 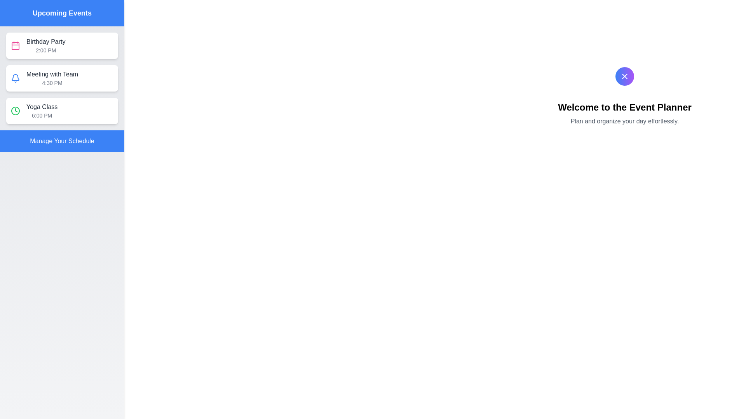 What do you see at coordinates (625, 76) in the screenshot?
I see `the circular button with a gradient from blue to purple featuring a white 'X' icon` at bounding box center [625, 76].